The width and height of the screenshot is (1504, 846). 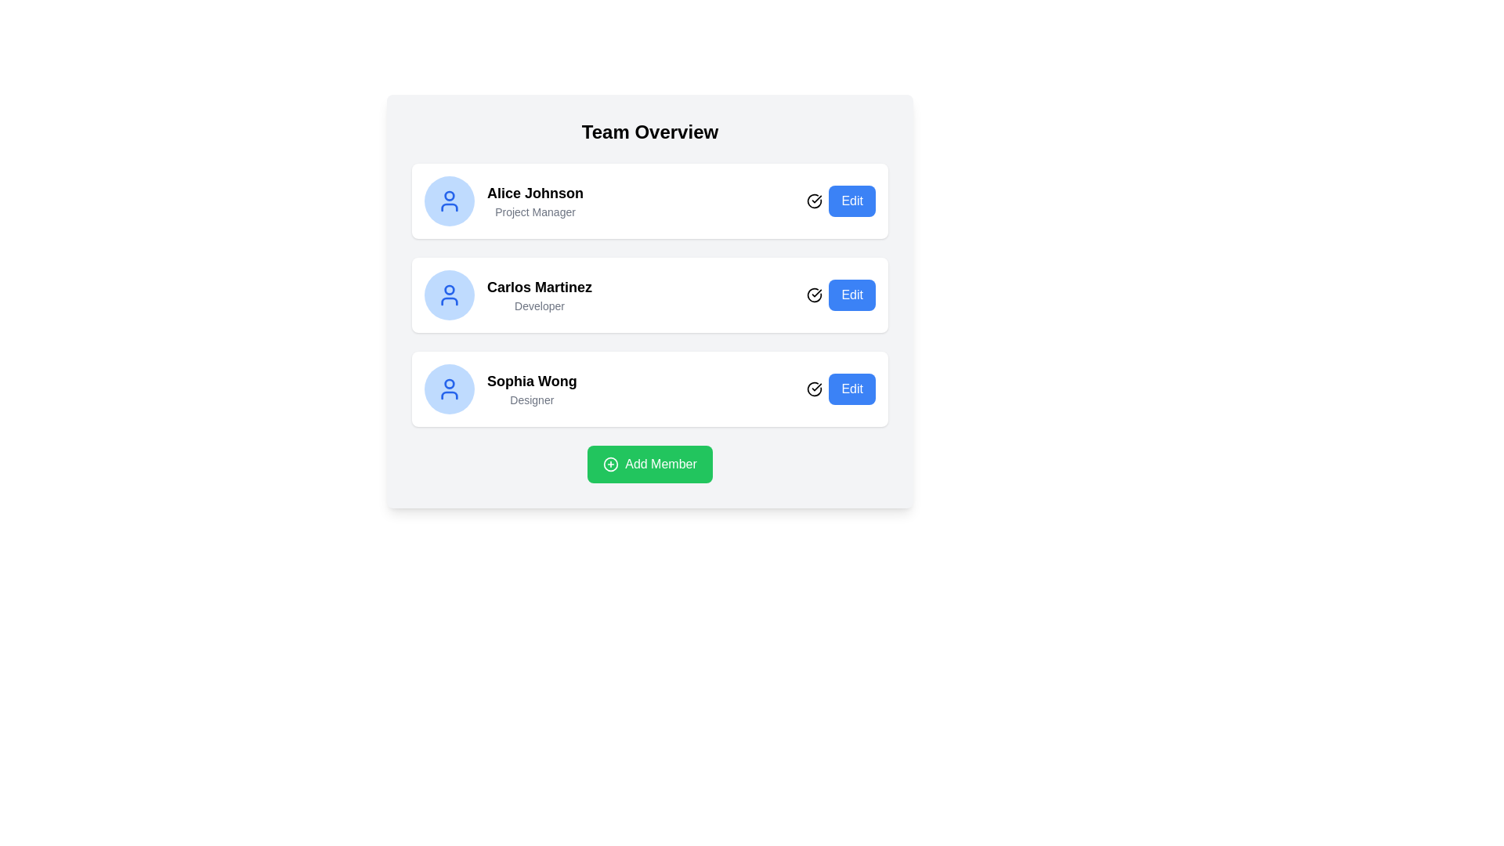 I want to click on the text block containing 'Carlos Martinez' in bold, located centrally in the second card of the user card list, above 'Sophia Wong Designer' and below 'Alice Johnson Project Manager', so click(x=540, y=295).